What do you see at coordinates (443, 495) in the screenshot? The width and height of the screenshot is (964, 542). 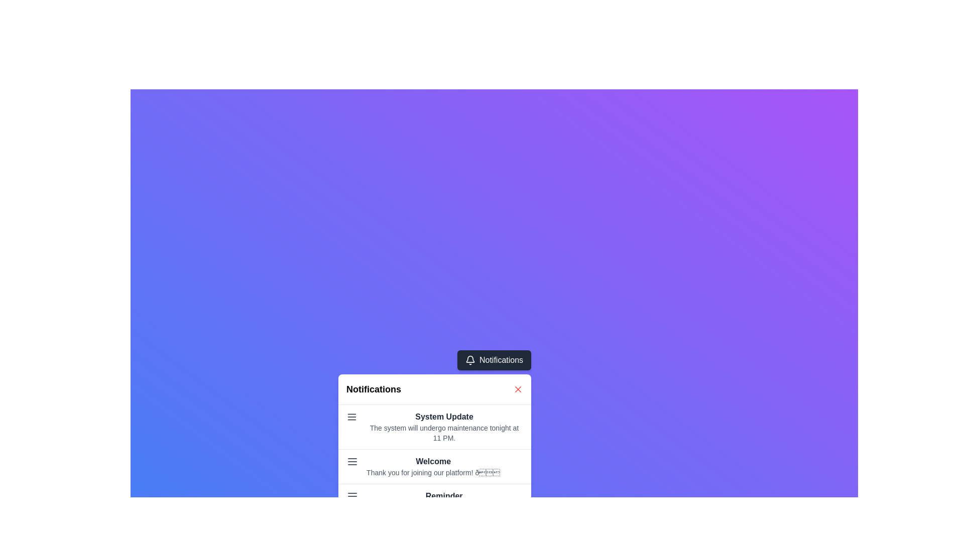 I see `bold-label text component displaying 'Reminder' located in the lower section of the notification panel, at the beginning of the third item in a vertically stacked list` at bounding box center [443, 495].